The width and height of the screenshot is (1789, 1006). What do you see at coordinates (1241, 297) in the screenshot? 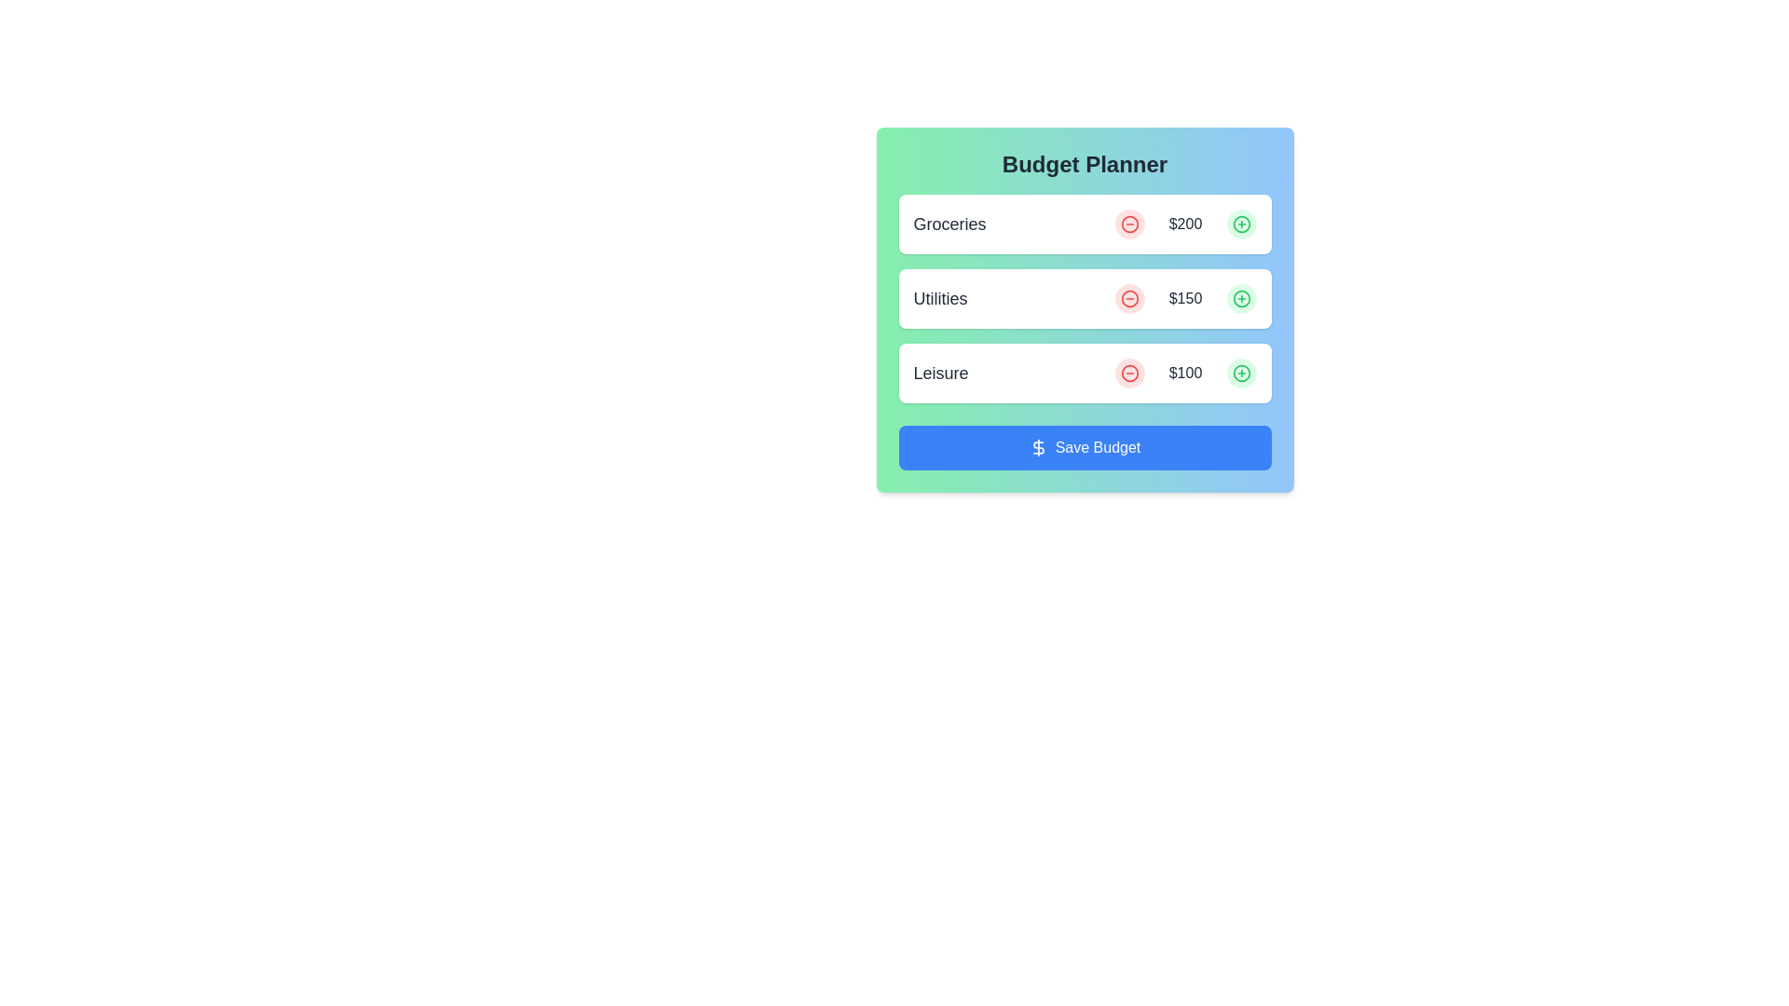
I see `the addition button in the 'Budget Planner' card, located to the right of the 'Utilities' label and the amount value '$150'` at bounding box center [1241, 297].